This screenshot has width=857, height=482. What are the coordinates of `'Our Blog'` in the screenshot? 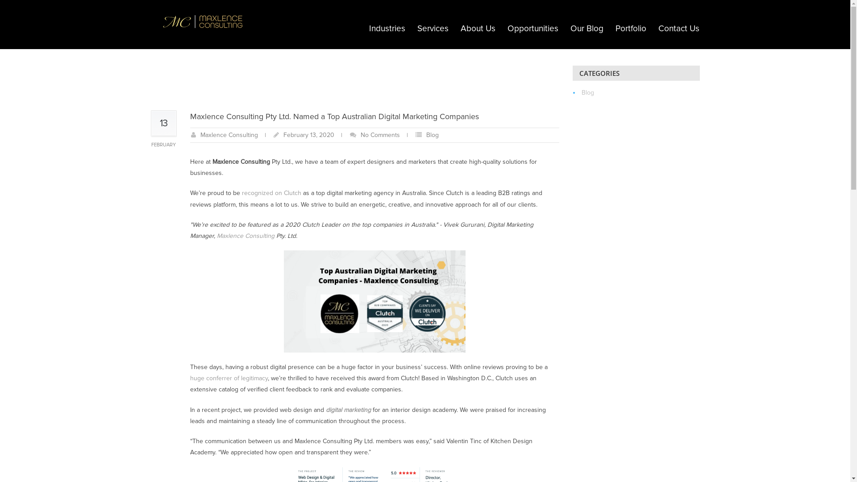 It's located at (587, 28).